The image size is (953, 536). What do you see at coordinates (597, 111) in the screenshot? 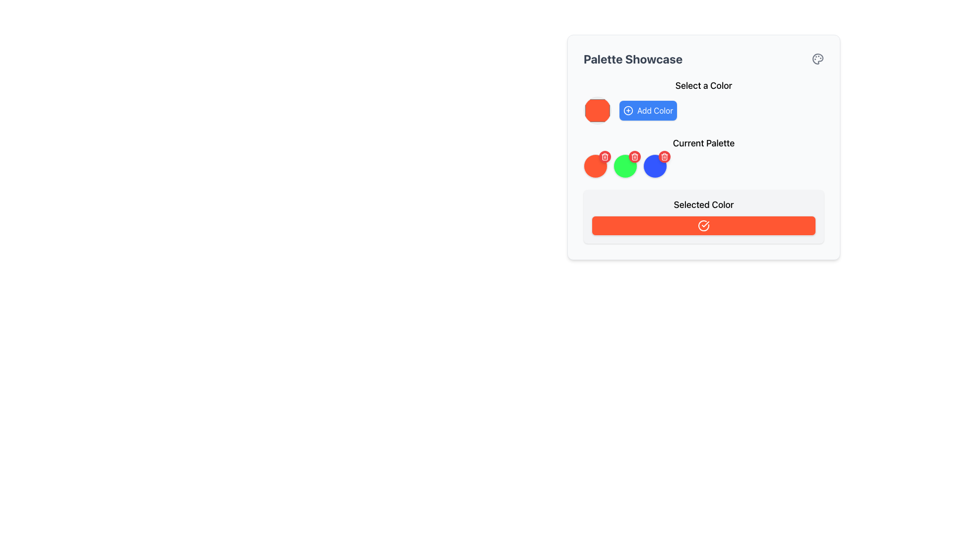
I see `the circular orange color option selector located to the left of the 'Add Color' button in the 'Select a Color' section for keyboard navigation` at bounding box center [597, 111].